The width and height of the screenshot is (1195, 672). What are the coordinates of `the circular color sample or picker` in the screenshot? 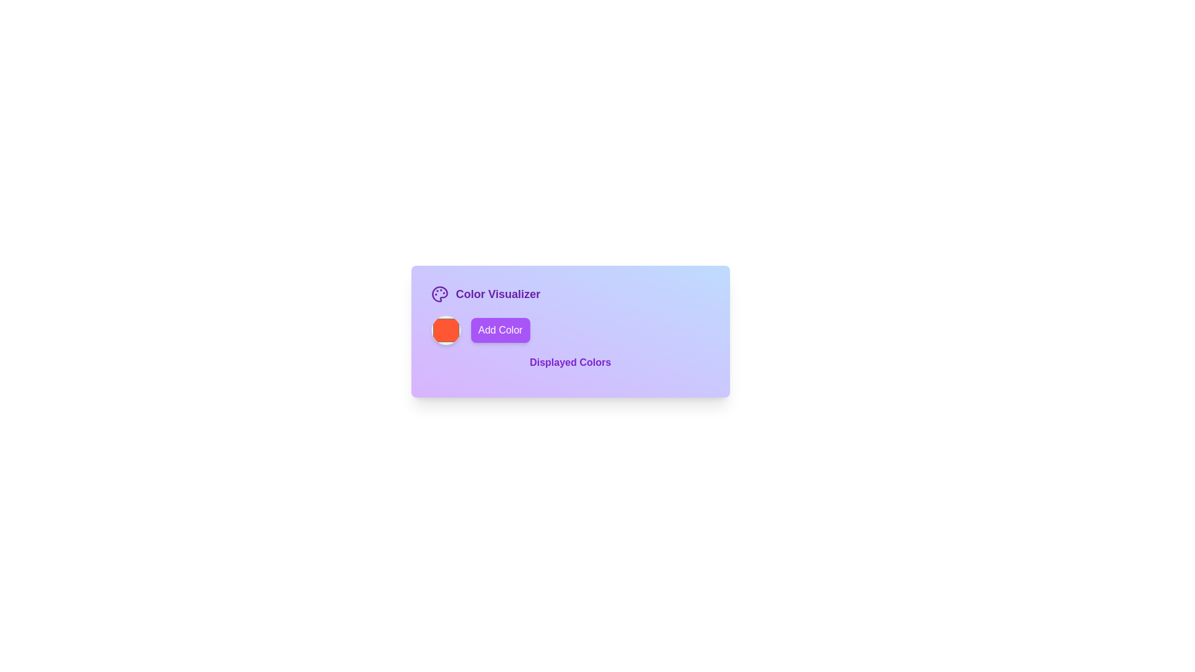 It's located at (446, 330).